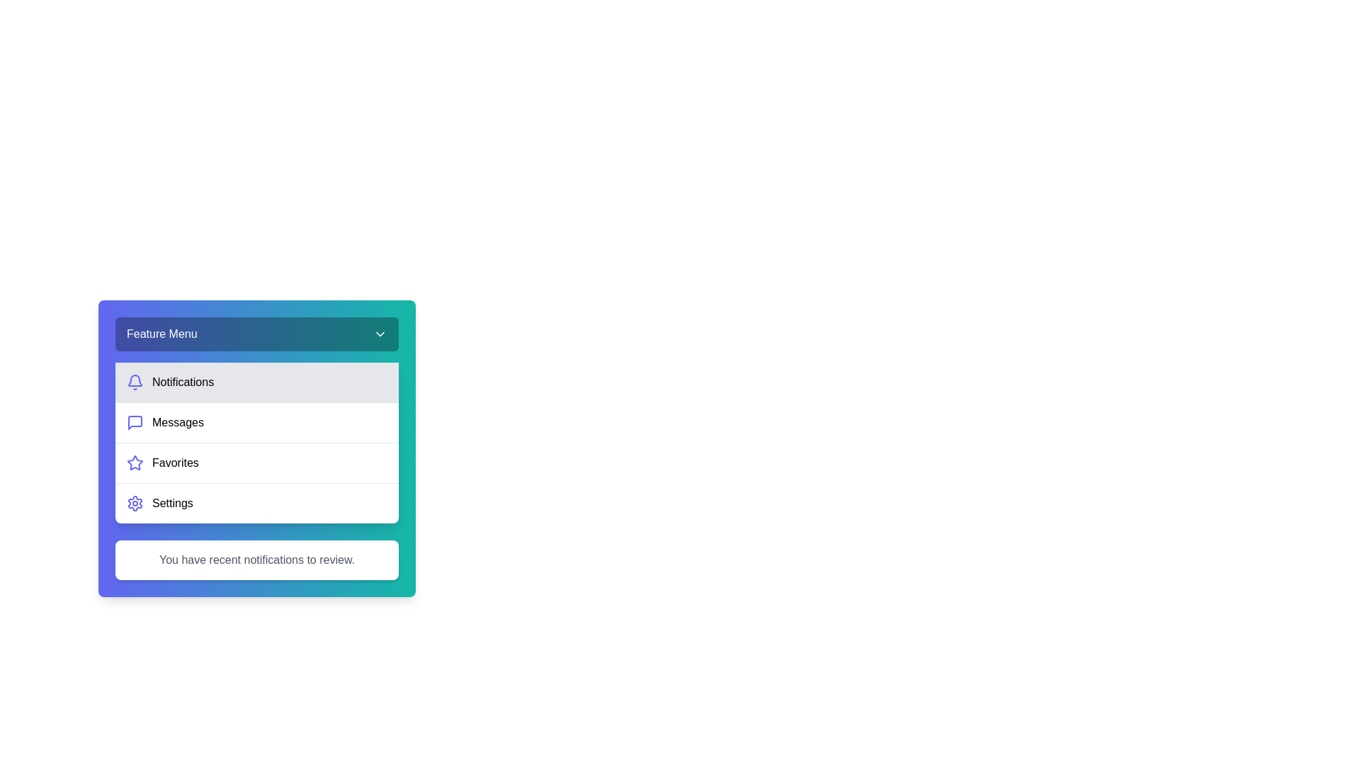  What do you see at coordinates (135, 502) in the screenshot?
I see `the settings icon, which is the fourth icon in a vertically arranged menu list located on the left side of the 'Settings' text label` at bounding box center [135, 502].